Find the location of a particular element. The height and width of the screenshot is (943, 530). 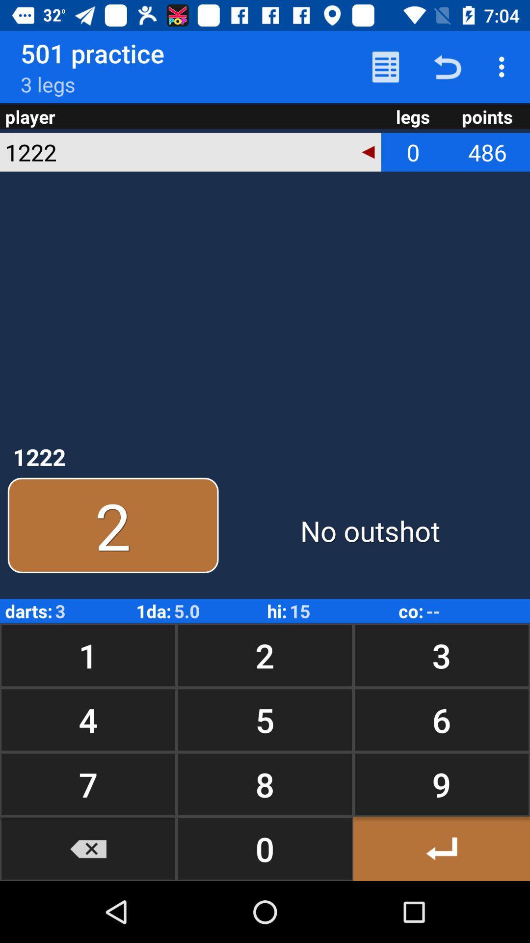

the 7 is located at coordinates (88, 784).